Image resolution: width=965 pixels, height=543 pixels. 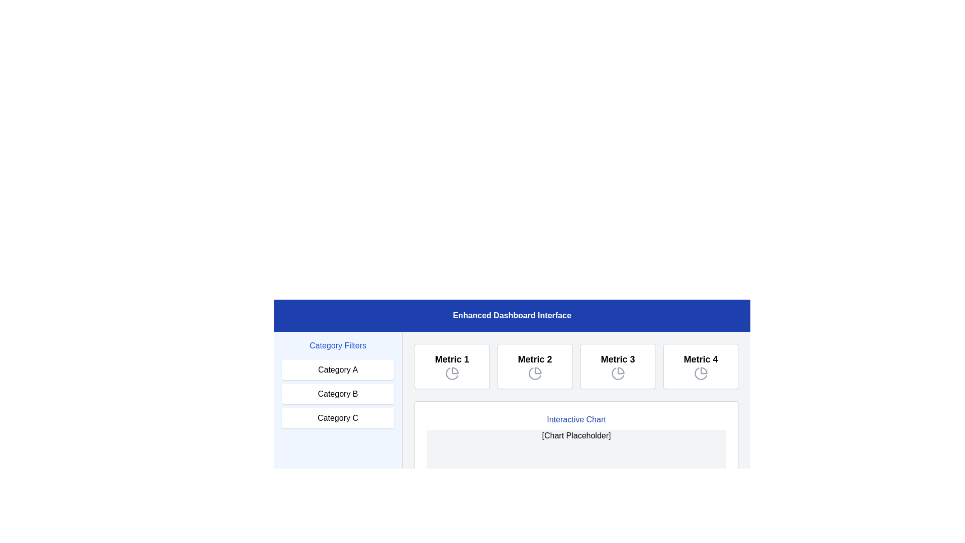 I want to click on the text label indicating the name of a metric in the fourth box of a horizontal list of metric boxes located on the rightmost side of the row, so click(x=700, y=358).